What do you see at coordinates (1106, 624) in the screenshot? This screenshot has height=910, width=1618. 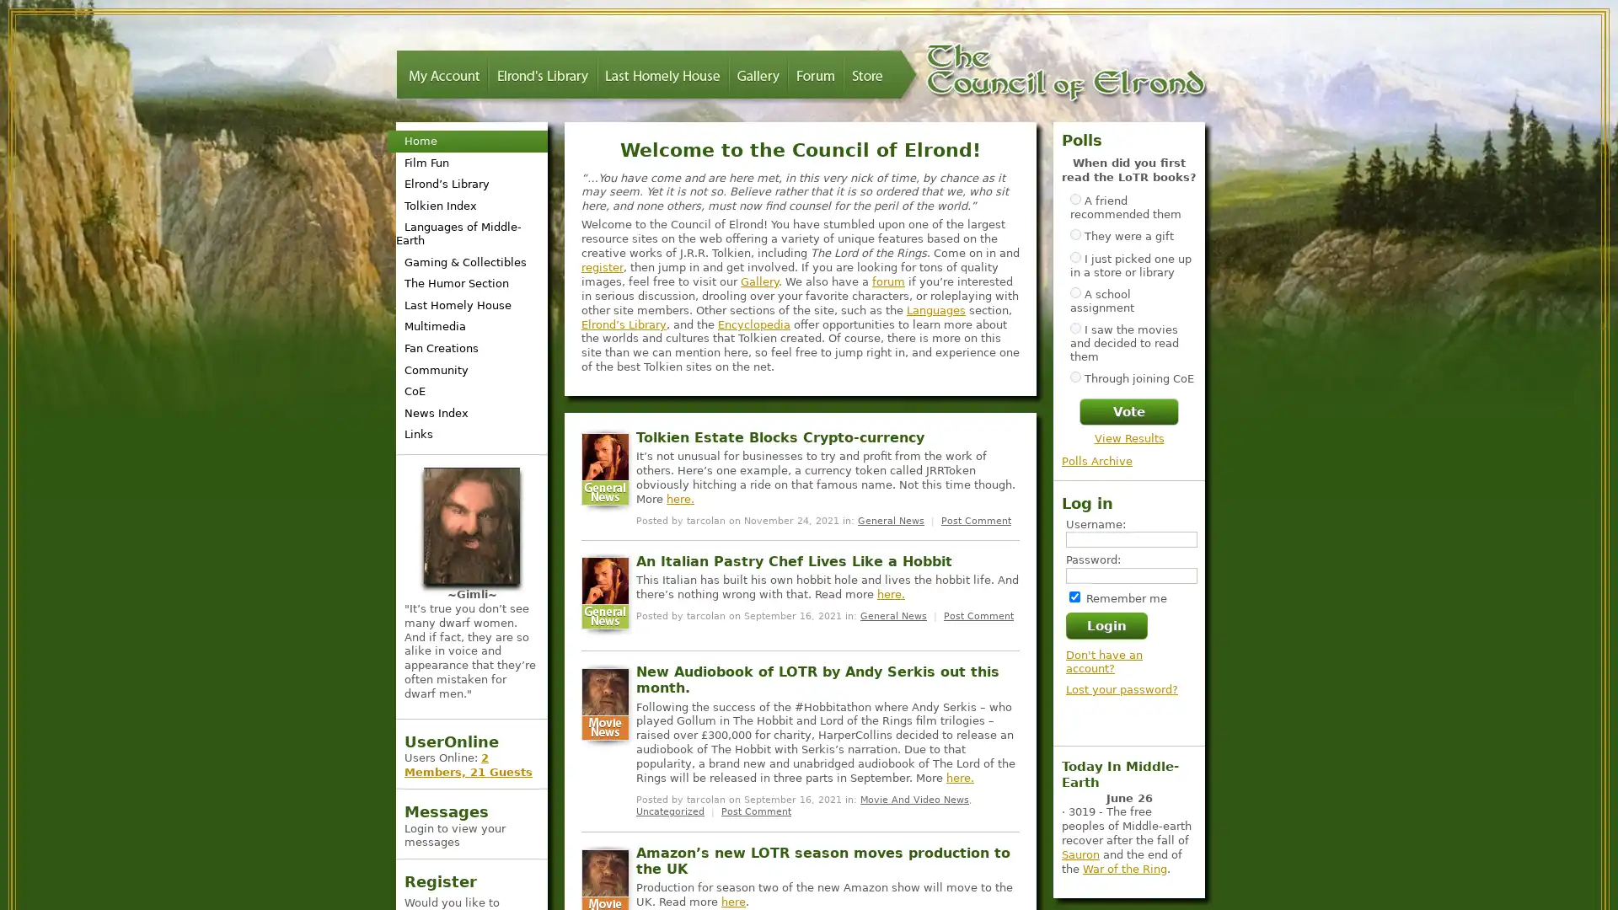 I see `Login` at bounding box center [1106, 624].